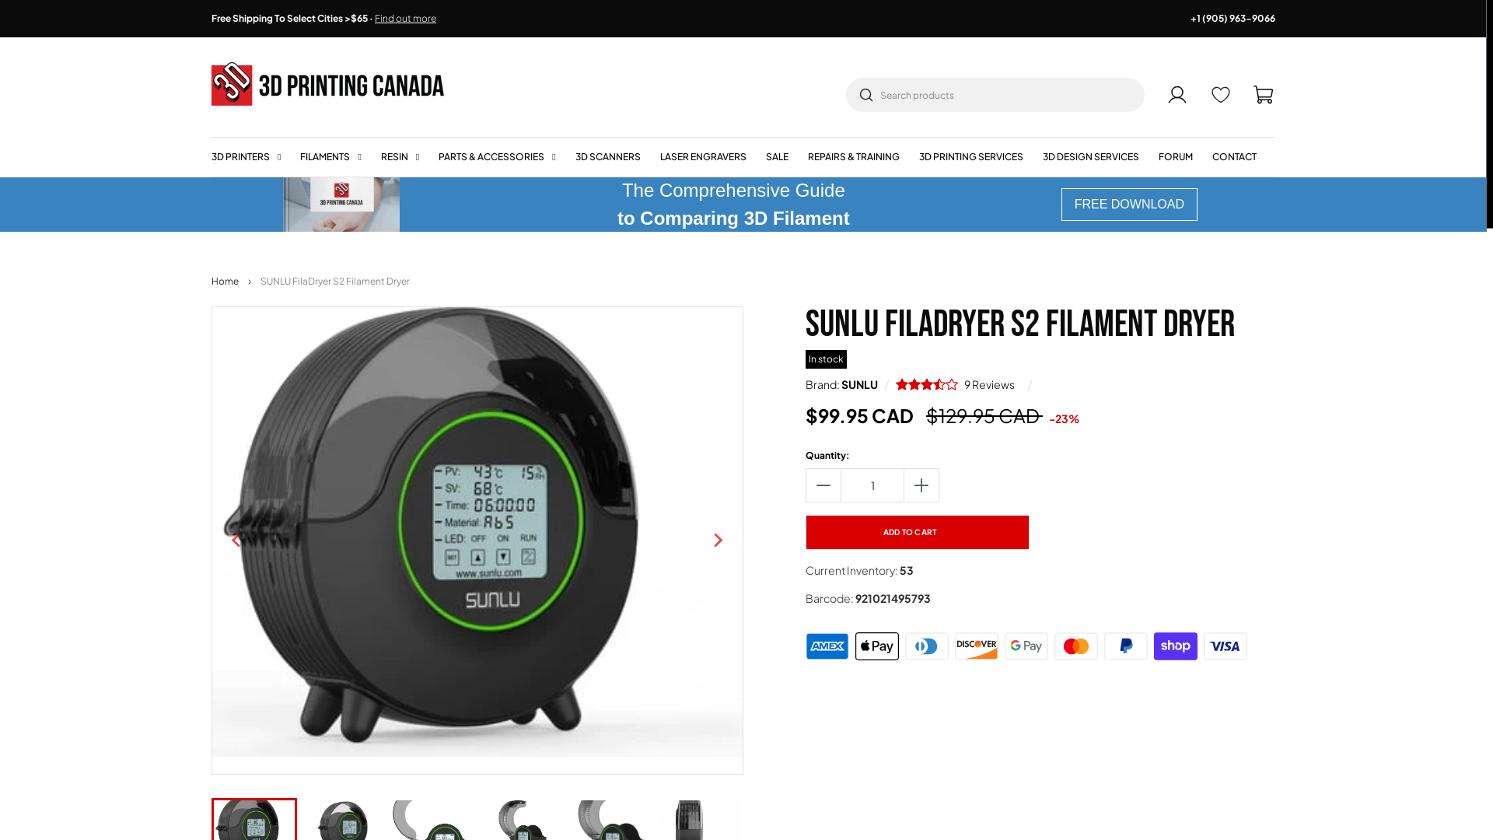 Image resolution: width=1493 pixels, height=840 pixels. I want to click on 'FORUM', so click(1176, 156).